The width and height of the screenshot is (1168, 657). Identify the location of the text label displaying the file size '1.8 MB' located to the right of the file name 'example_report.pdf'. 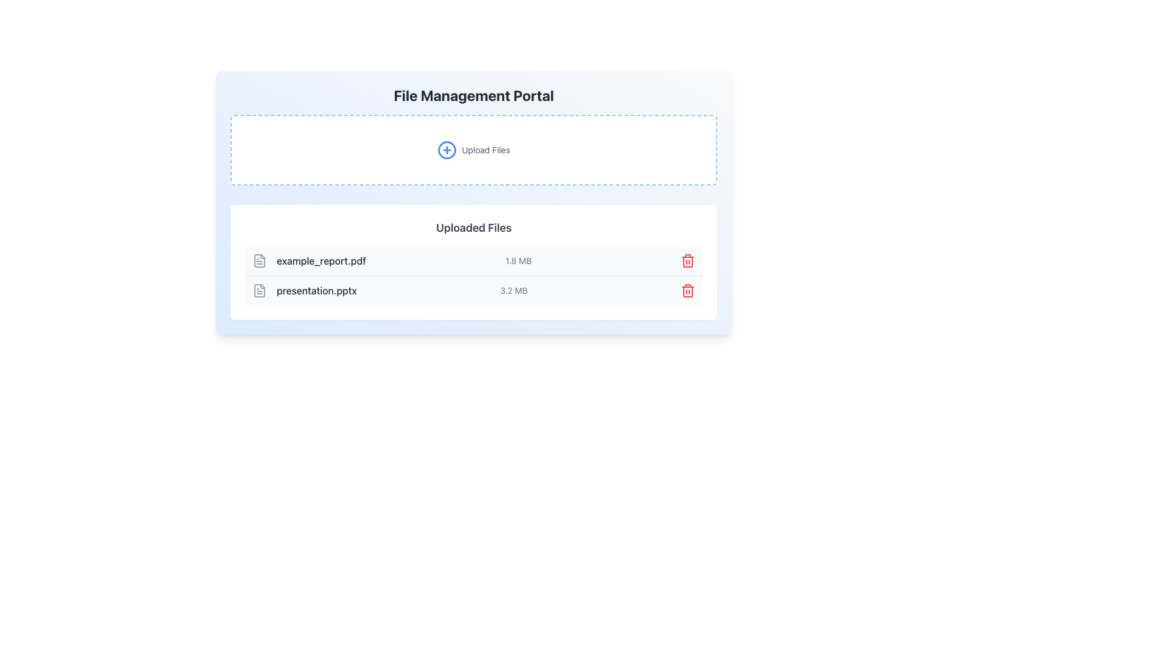
(518, 260).